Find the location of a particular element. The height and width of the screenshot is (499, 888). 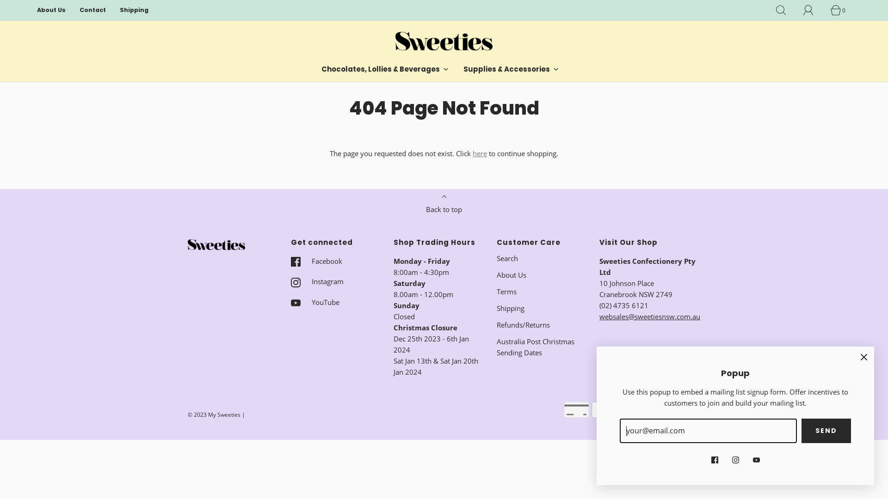

'Back to top' is located at coordinates (419, 206).